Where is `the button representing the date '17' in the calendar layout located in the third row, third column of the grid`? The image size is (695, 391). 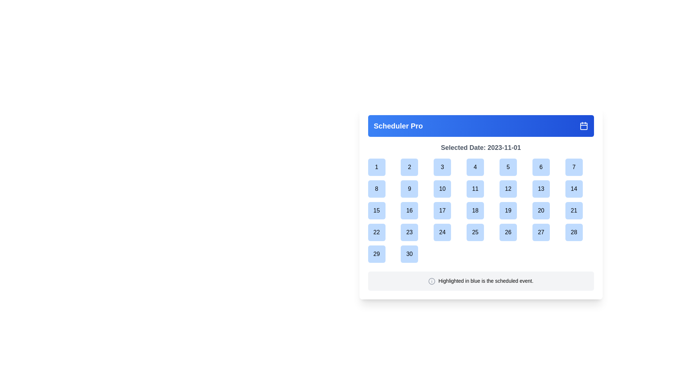
the button representing the date '17' in the calendar layout located in the third row, third column of the grid is located at coordinates (447, 211).